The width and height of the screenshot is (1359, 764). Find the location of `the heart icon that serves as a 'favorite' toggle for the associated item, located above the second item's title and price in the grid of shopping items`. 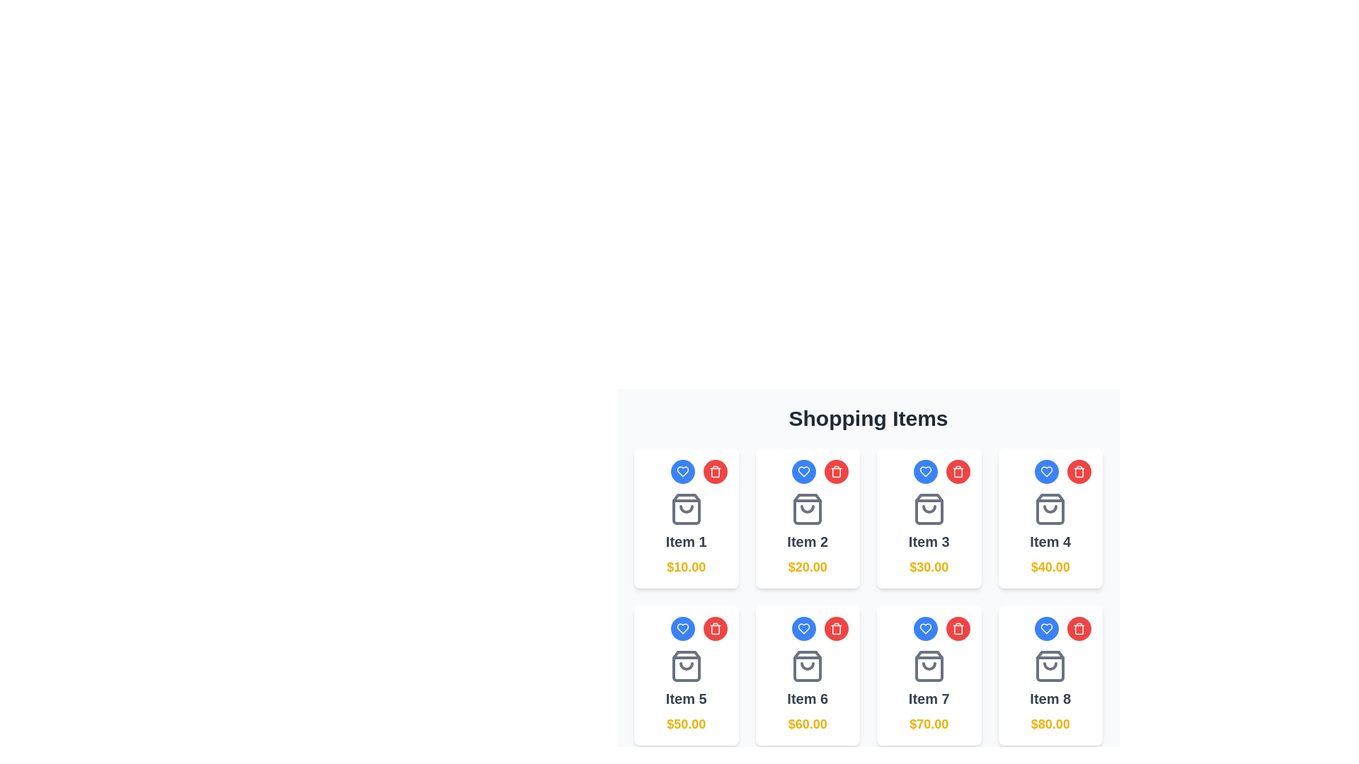

the heart icon that serves as a 'favorite' toggle for the associated item, located above the second item's title and price in the grid of shopping items is located at coordinates (804, 472).